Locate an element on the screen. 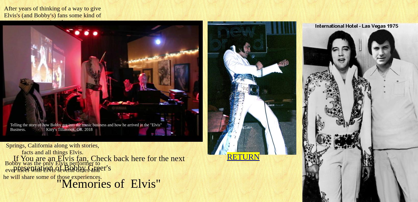  'with Elvis 
in Las Vegas and Palm Springs, California along with stories, facts and all 
things Elvis.' is located at coordinates (52, 145).